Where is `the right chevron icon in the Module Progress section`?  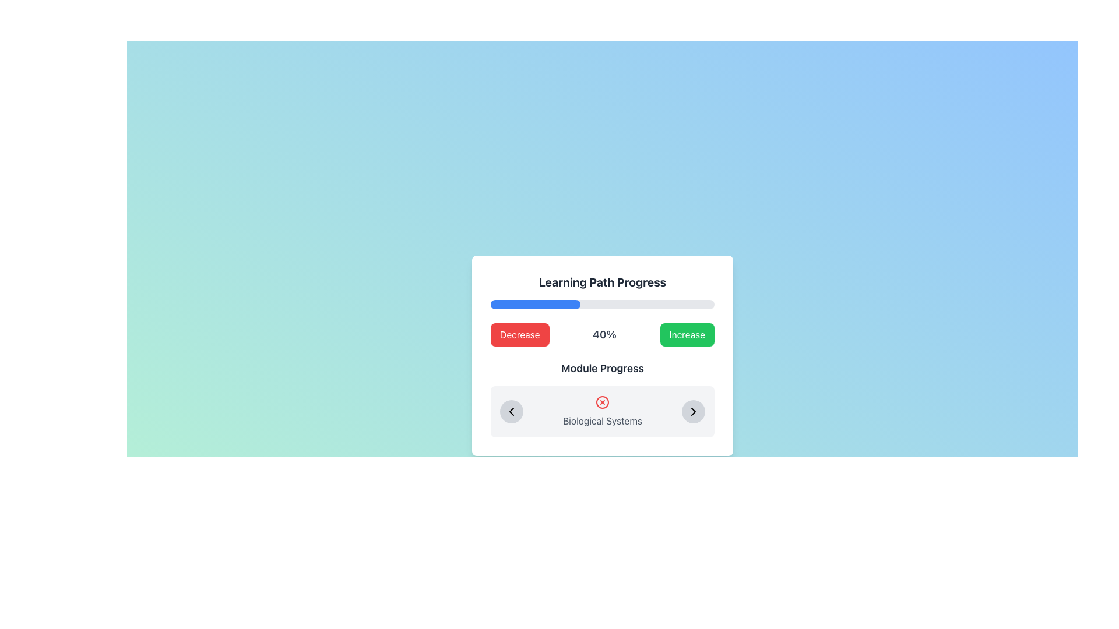
the right chevron icon in the Module Progress section is located at coordinates (694, 411).